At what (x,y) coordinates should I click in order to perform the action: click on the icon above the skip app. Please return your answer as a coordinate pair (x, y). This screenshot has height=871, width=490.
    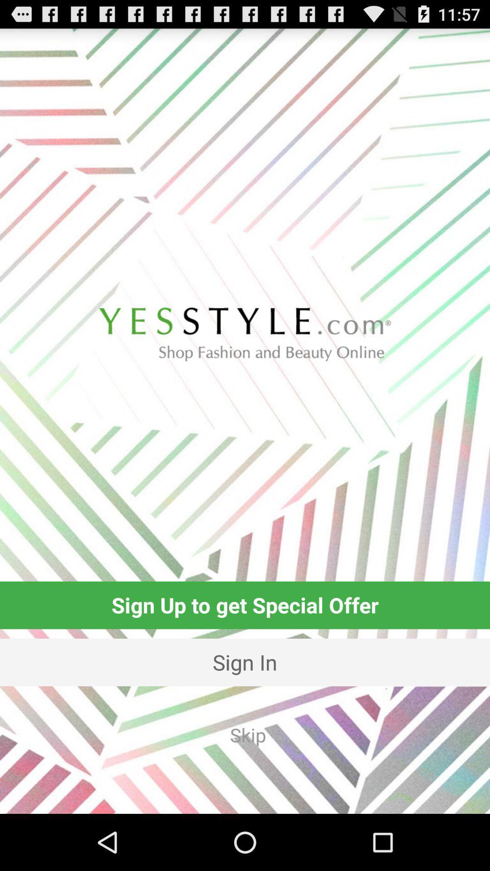
    Looking at the image, I should click on (245, 662).